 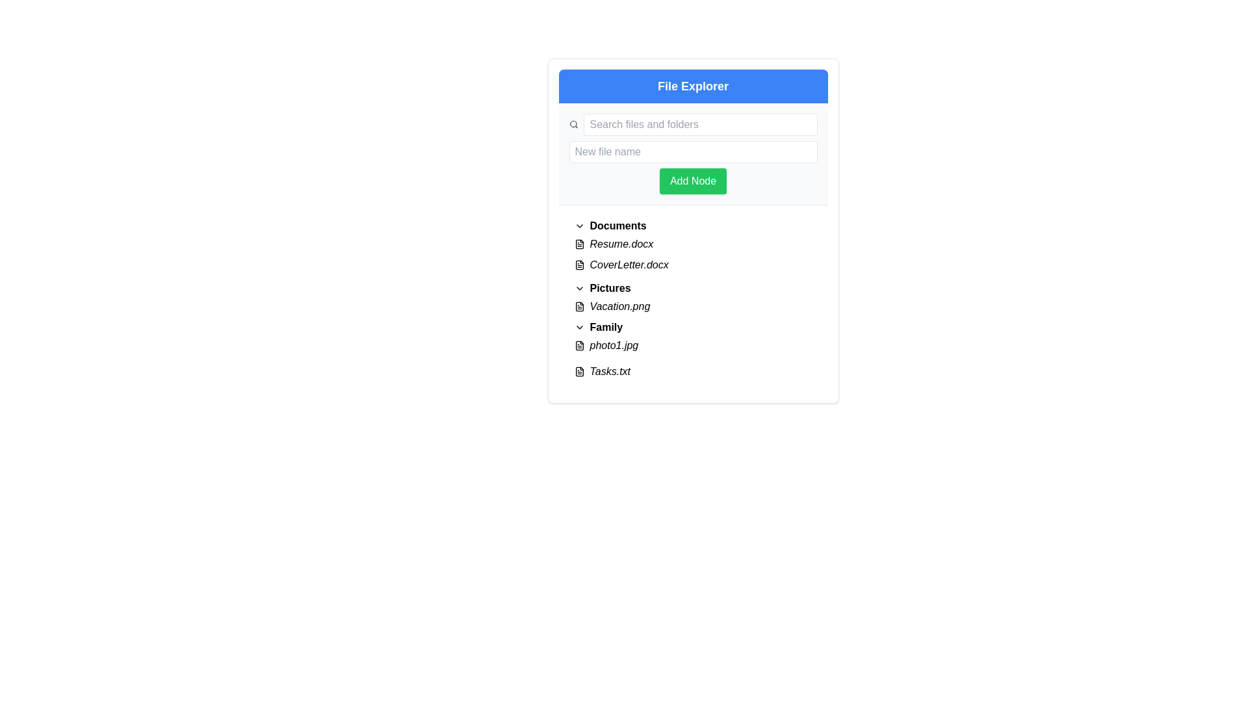 What do you see at coordinates (692, 345) in the screenshot?
I see `to select the file named 'photo1.jpg' which is the second item in the 'Family' folder under the 'Pictures' folder` at bounding box center [692, 345].